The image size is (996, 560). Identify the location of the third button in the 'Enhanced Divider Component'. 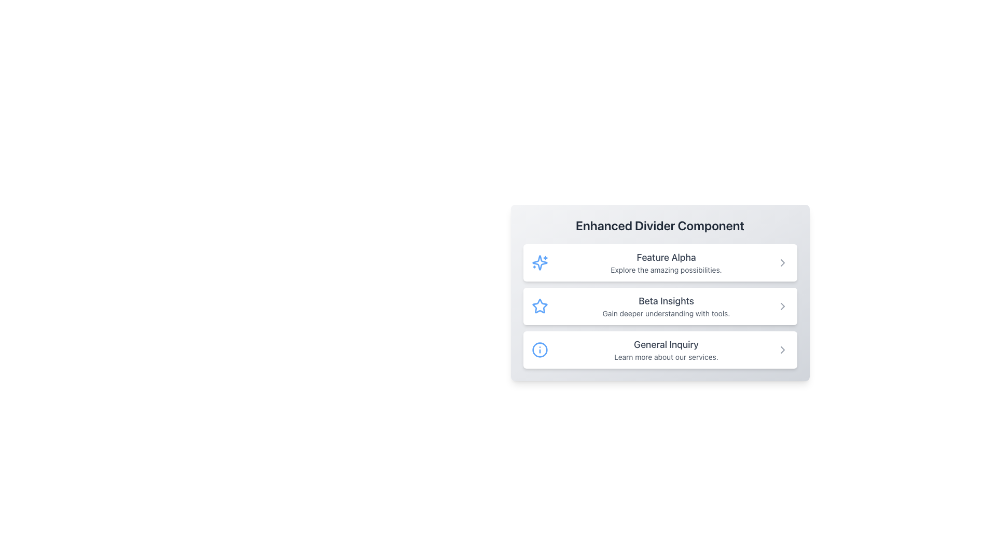
(659, 350).